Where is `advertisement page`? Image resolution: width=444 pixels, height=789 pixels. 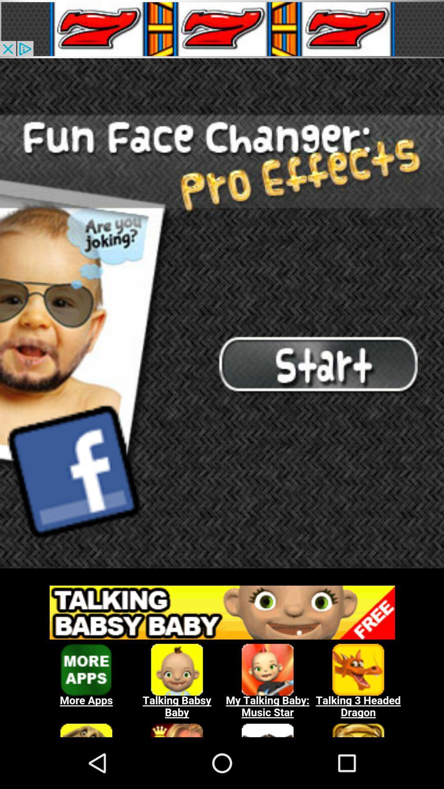
advertisement page is located at coordinates (222, 29).